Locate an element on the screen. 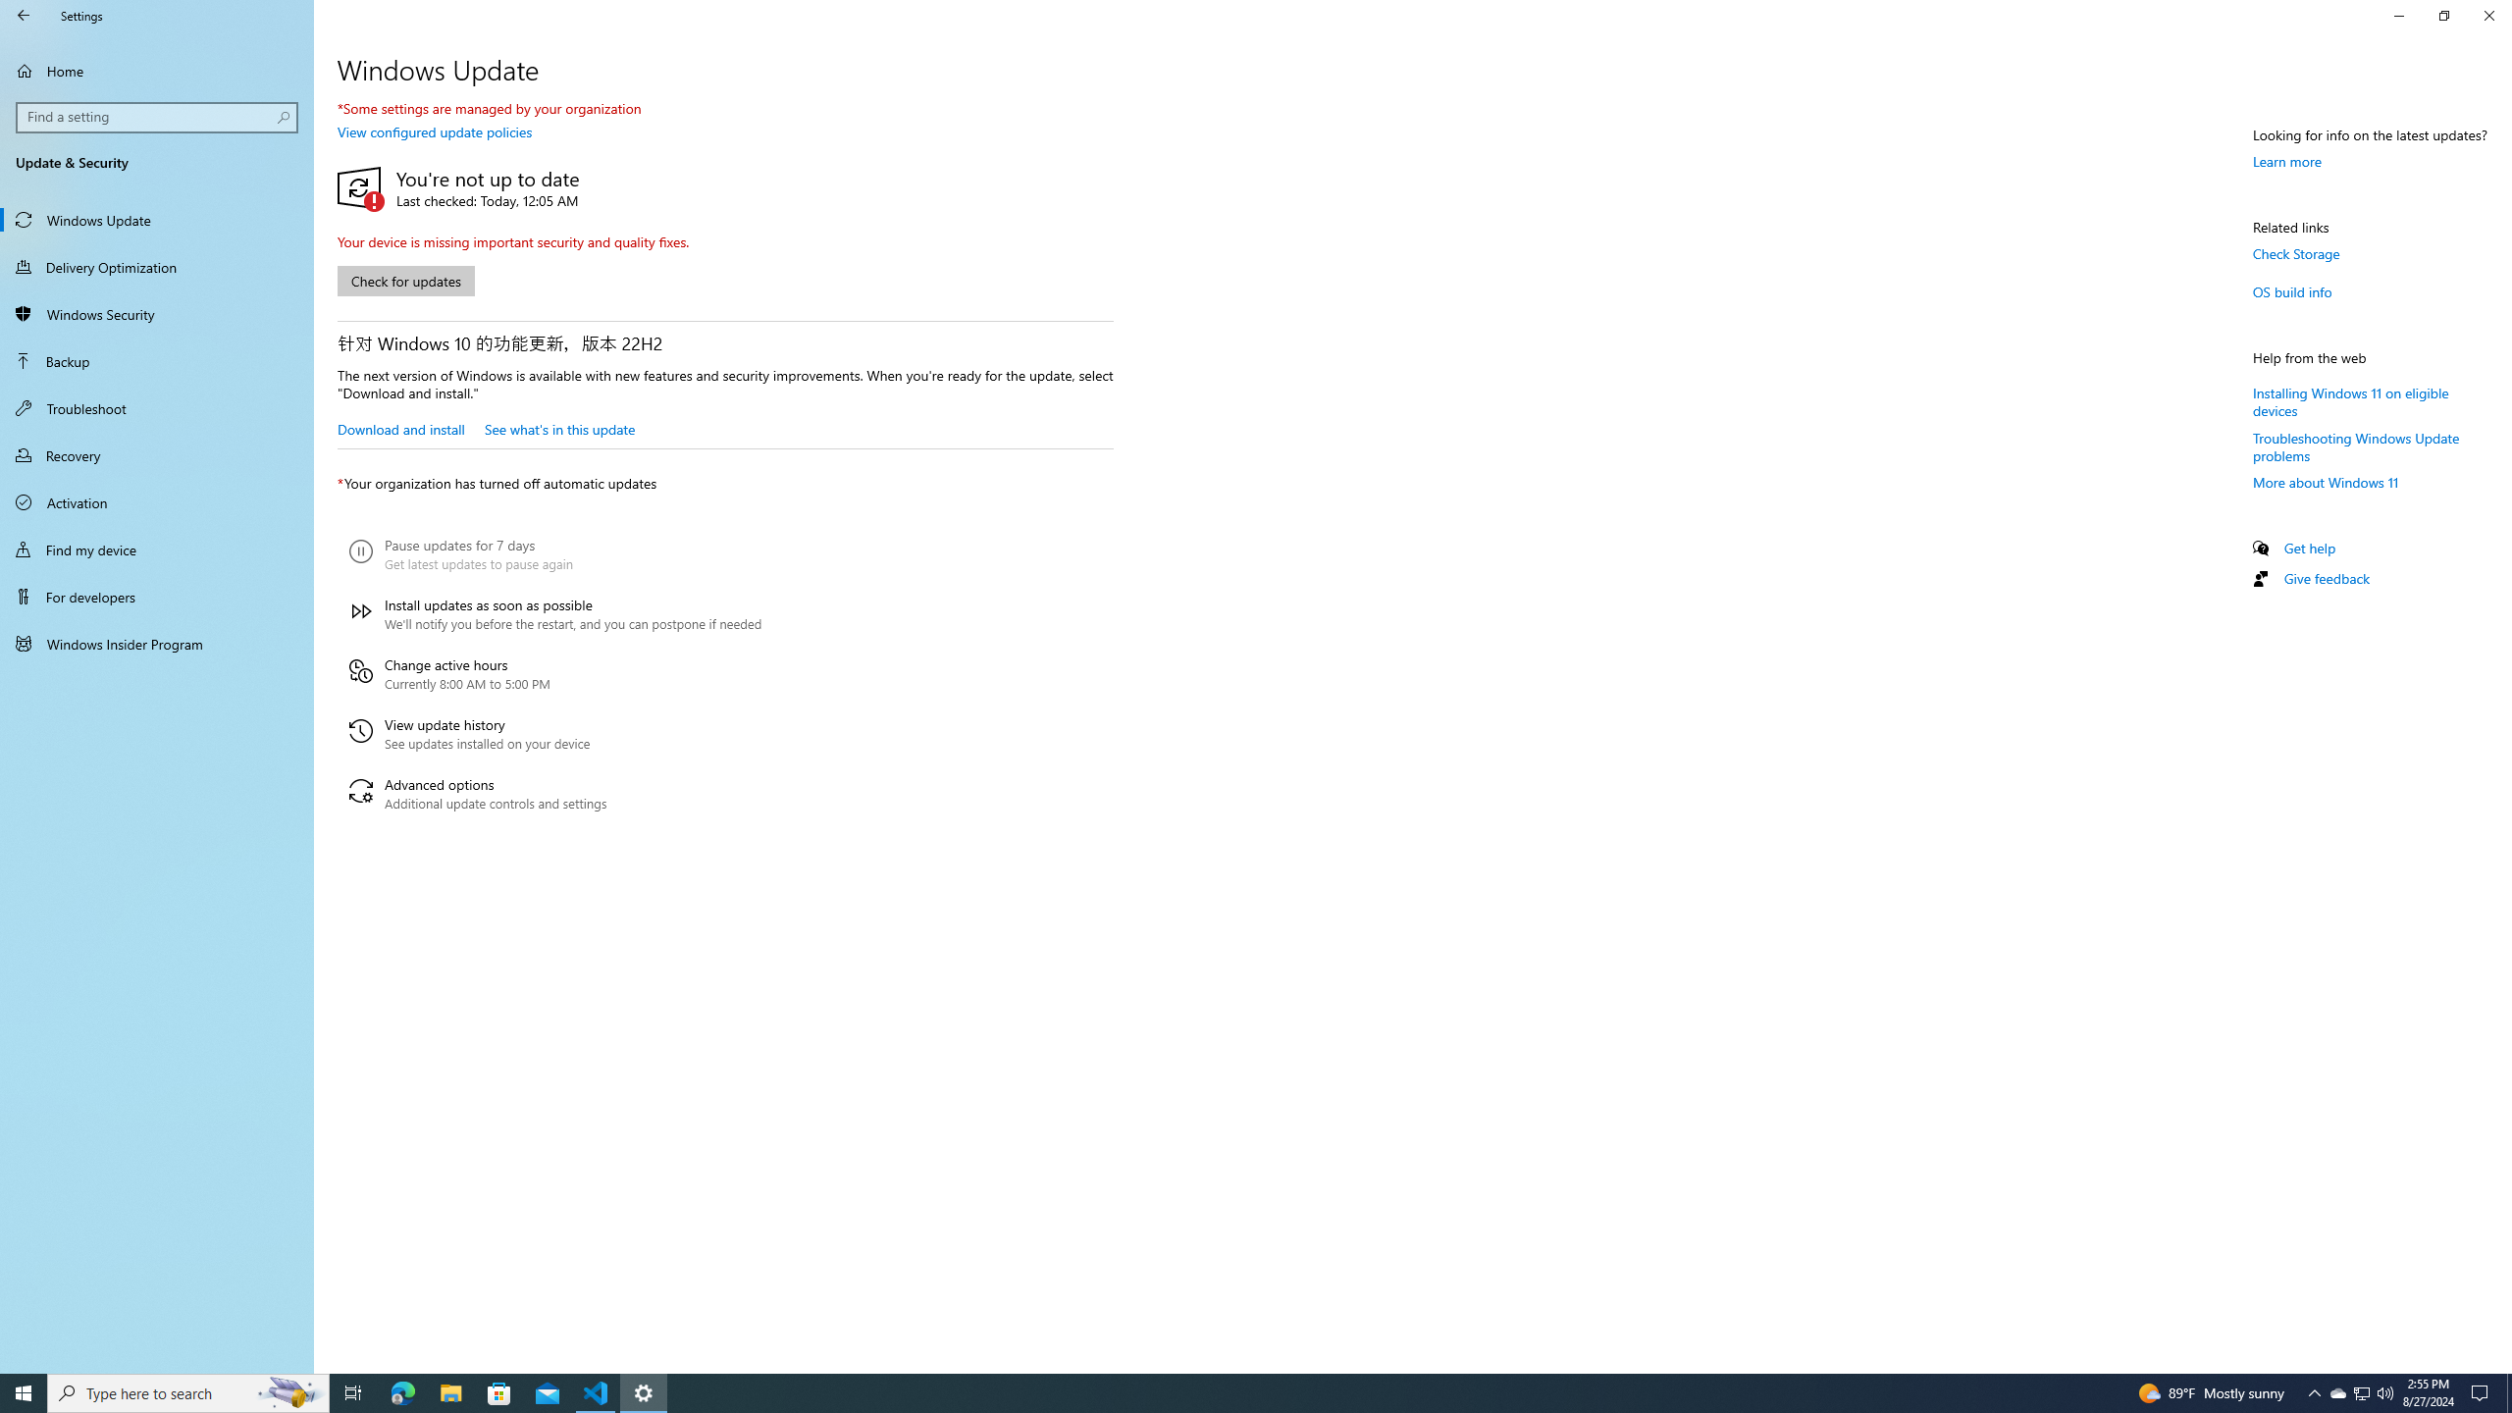 The image size is (2512, 1413). 'Check for updates' is located at coordinates (404, 281).